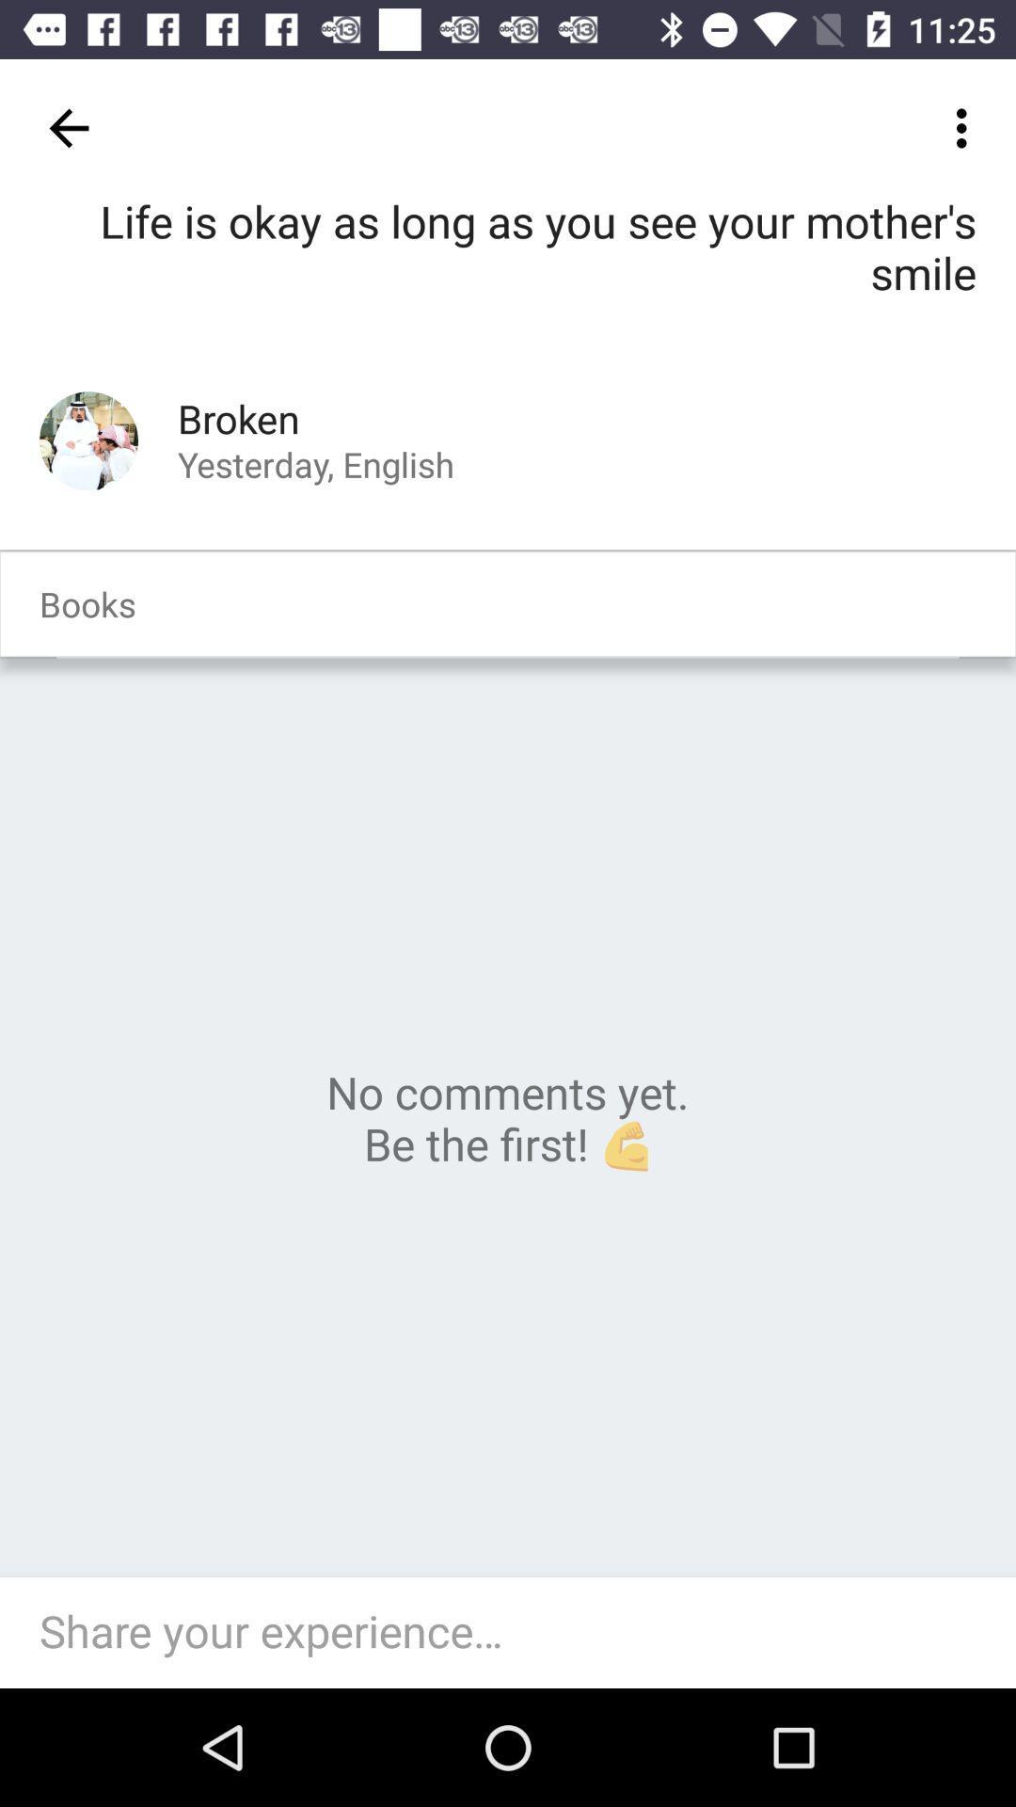 Image resolution: width=1016 pixels, height=1807 pixels. I want to click on picture profile, so click(88, 440).